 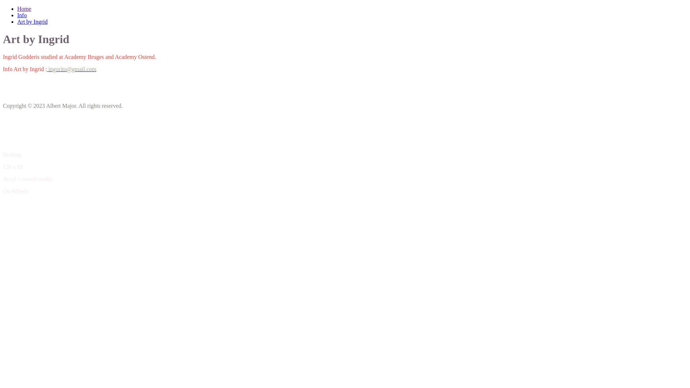 What do you see at coordinates (24, 9) in the screenshot?
I see `'Home'` at bounding box center [24, 9].